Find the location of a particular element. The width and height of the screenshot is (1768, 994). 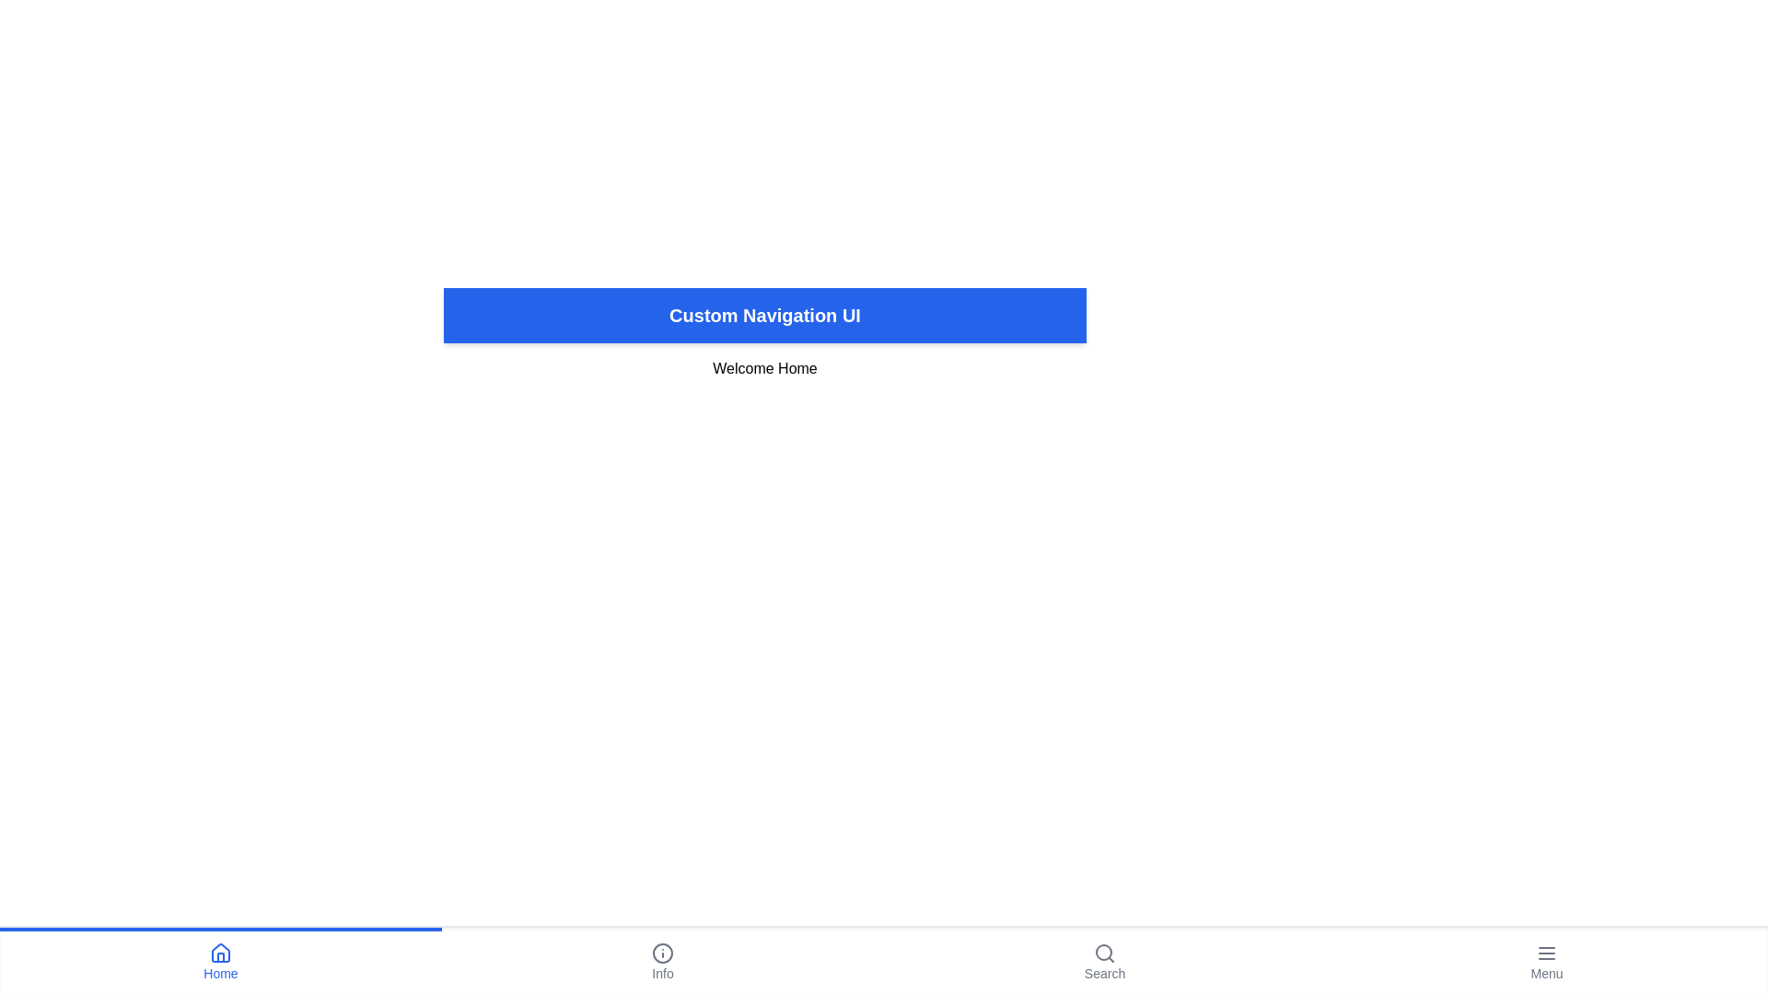

the first SVG Circle element in the bottom navigation bar associated with the 'Info' label is located at coordinates (663, 953).